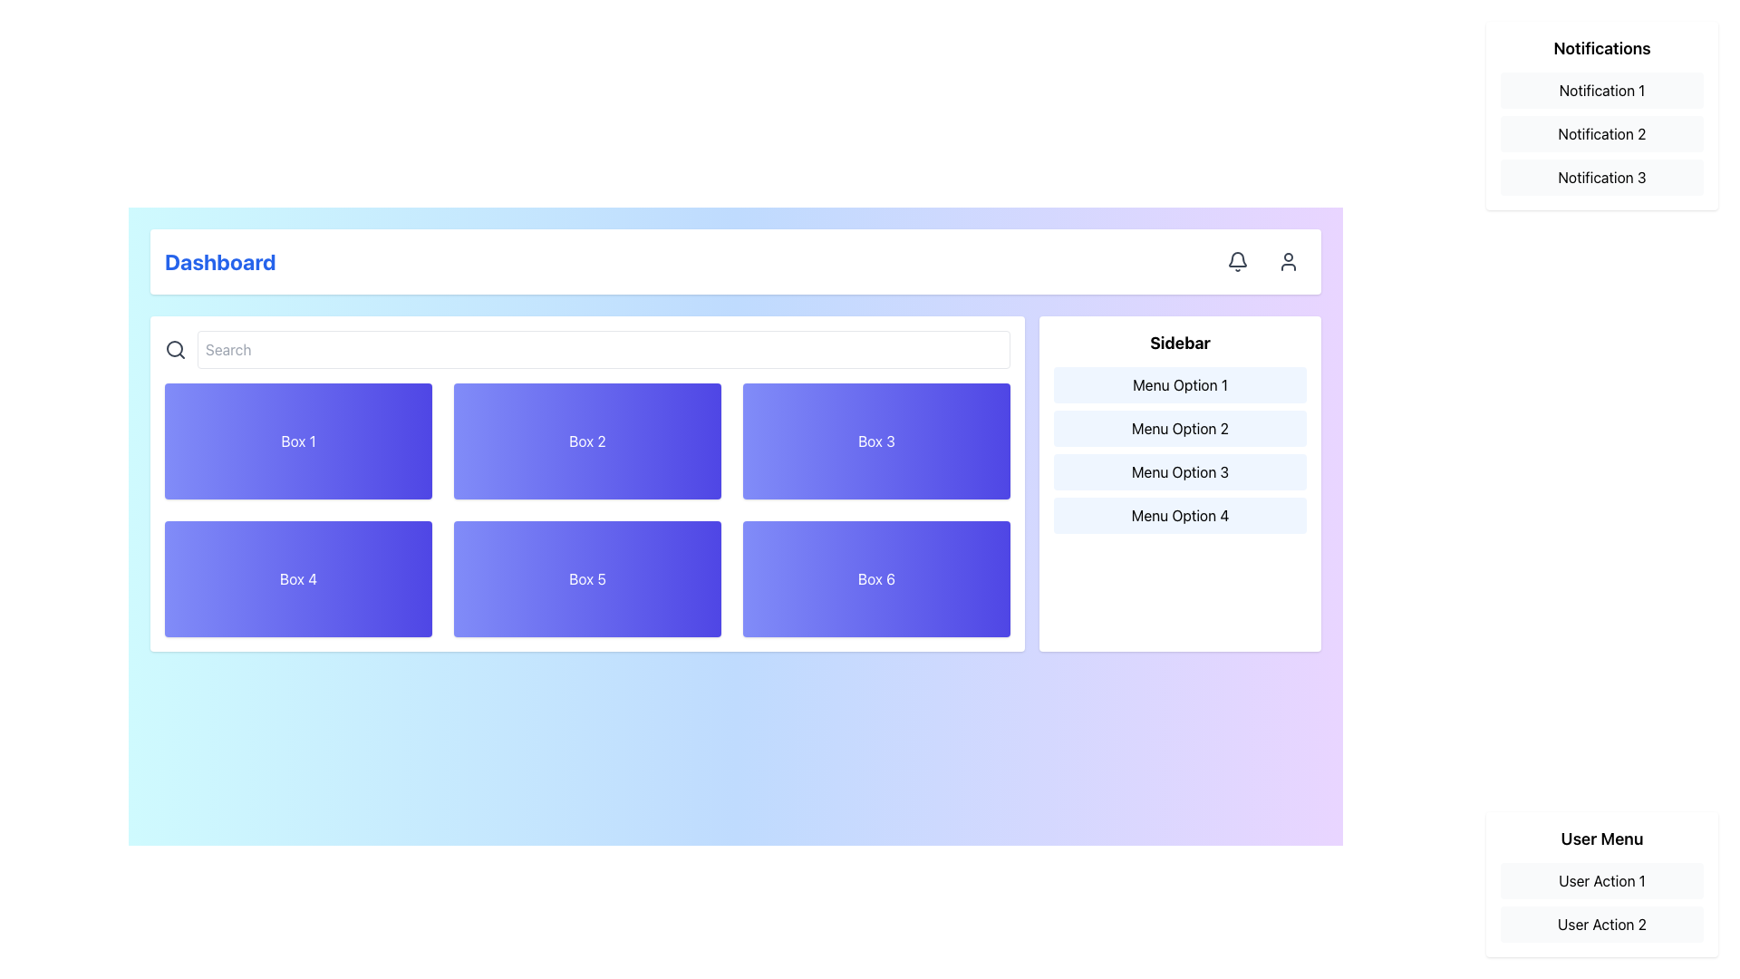 This screenshot has height=979, width=1740. What do you see at coordinates (1180, 516) in the screenshot?
I see `the 'Menu Option 4' button, which is a rectangular button with rounded corners, light blue background, and black text, located in the bottom-right section of the interface in the Sidebar group` at bounding box center [1180, 516].